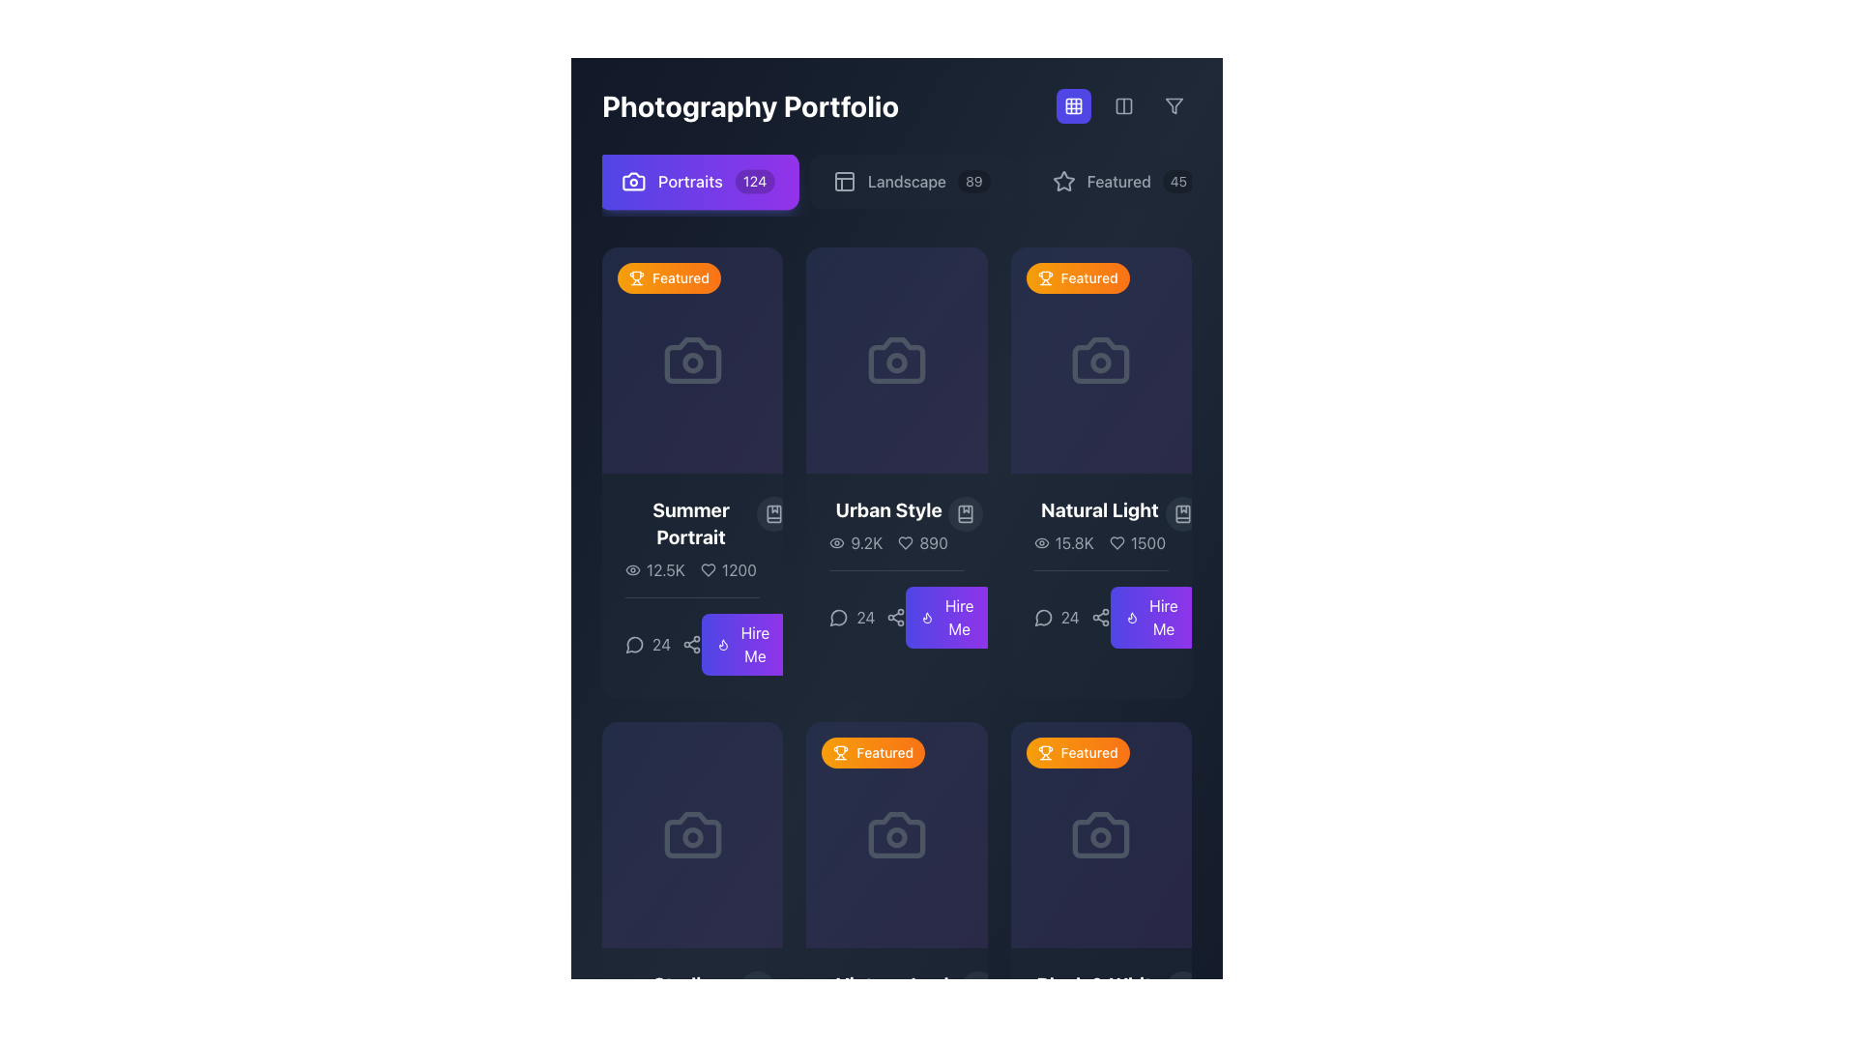  Describe the element at coordinates (691, 569) in the screenshot. I see `the Engagement statistics bar located beneath the 'Summer Portrait' title, which summarizes the engagement statistics for the associated content item` at that location.